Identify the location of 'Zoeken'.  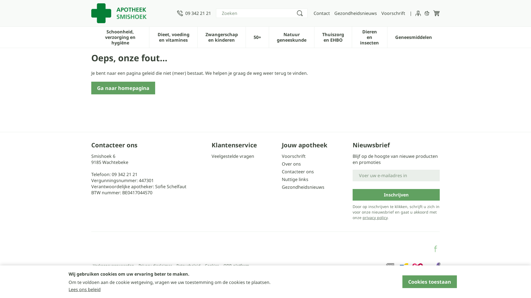
(300, 13).